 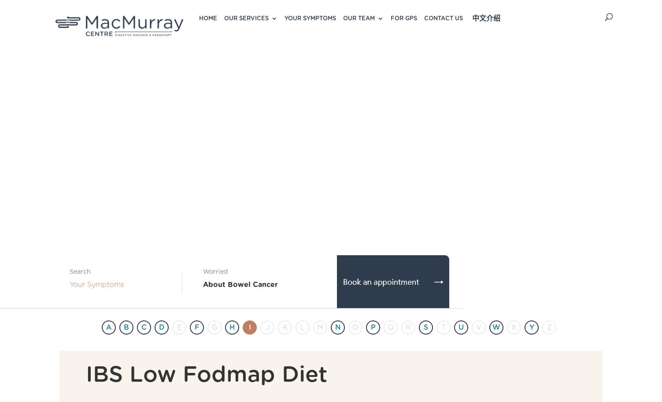 I want to click on 'Our Services', so click(x=246, y=18).